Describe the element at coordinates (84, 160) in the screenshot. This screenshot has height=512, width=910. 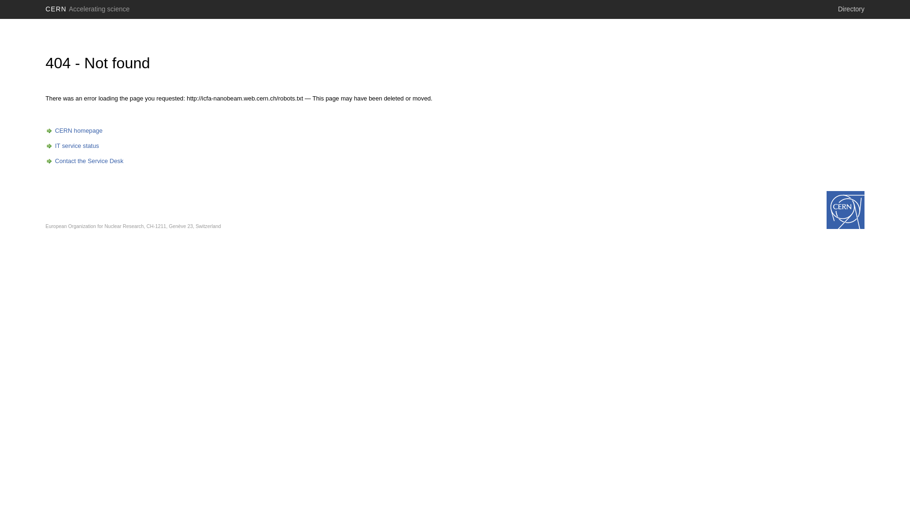
I see `'Contact the Service Desk'` at that location.